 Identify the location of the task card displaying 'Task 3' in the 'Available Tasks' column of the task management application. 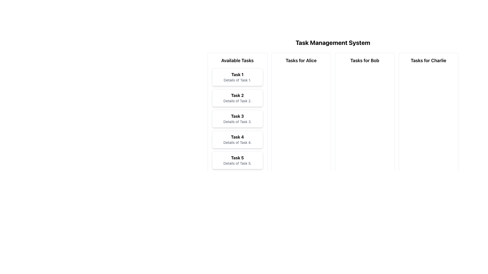
(237, 118).